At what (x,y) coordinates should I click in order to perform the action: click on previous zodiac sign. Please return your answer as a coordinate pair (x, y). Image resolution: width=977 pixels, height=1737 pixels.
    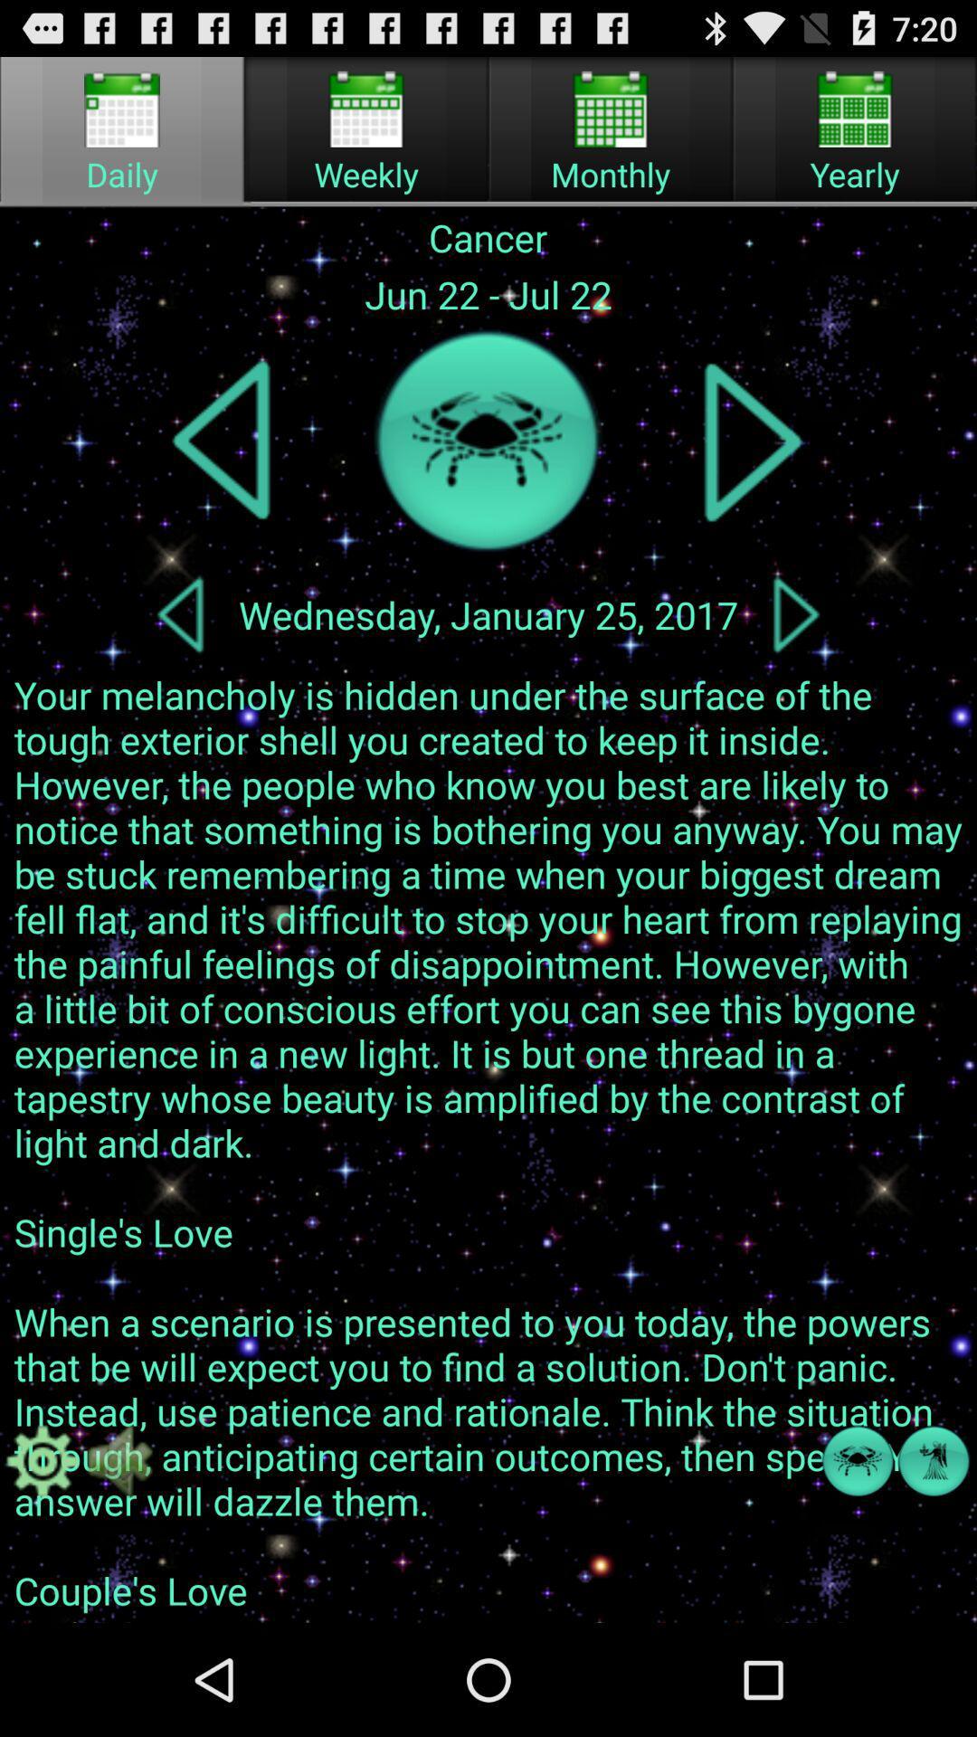
    Looking at the image, I should click on (223, 441).